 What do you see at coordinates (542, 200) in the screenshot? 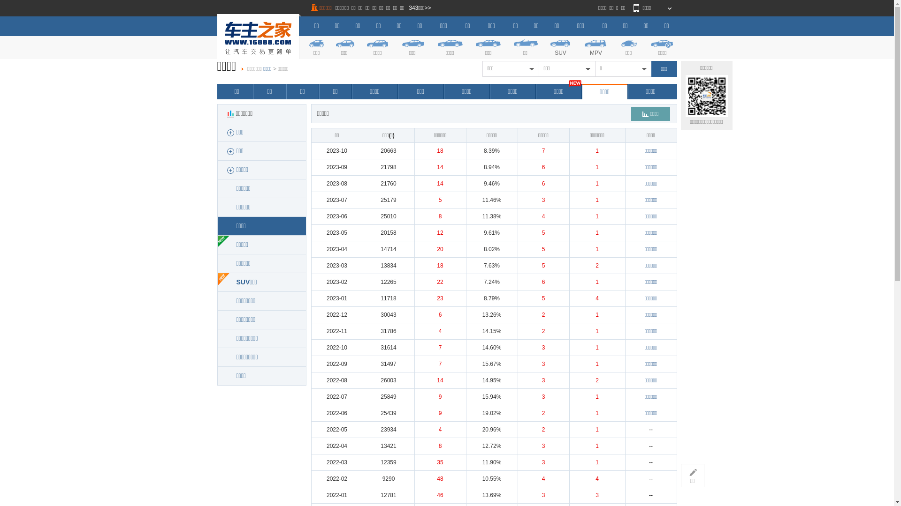
I see `'3'` at bounding box center [542, 200].